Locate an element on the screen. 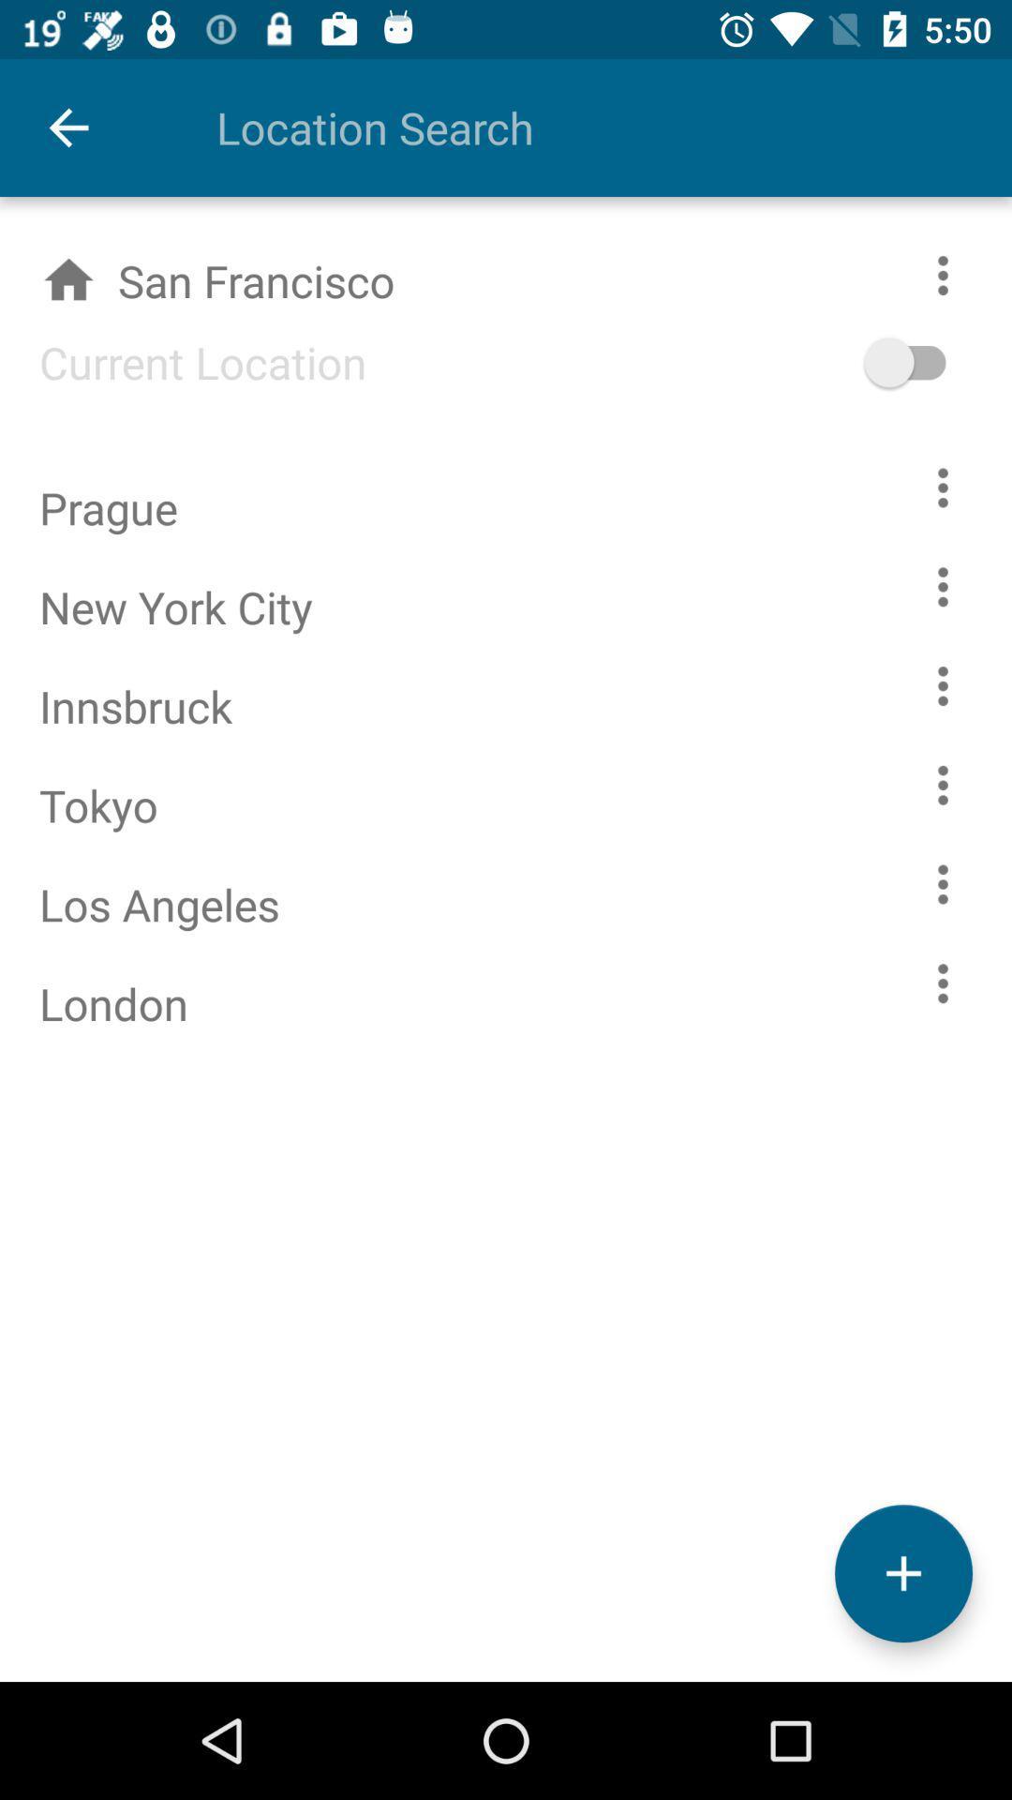 The height and width of the screenshot is (1800, 1012). show location options is located at coordinates (943, 487).